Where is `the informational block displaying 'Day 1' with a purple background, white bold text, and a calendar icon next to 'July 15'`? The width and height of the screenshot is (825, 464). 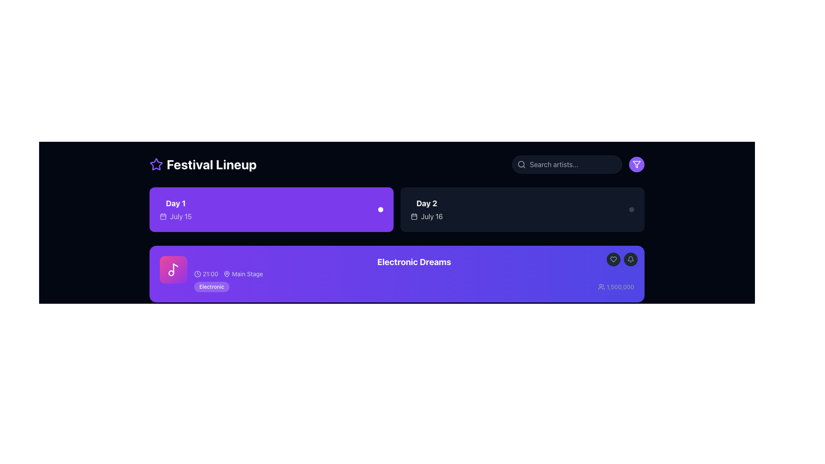 the informational block displaying 'Day 1' with a purple background, white bold text, and a calendar icon next to 'July 15' is located at coordinates (175, 210).